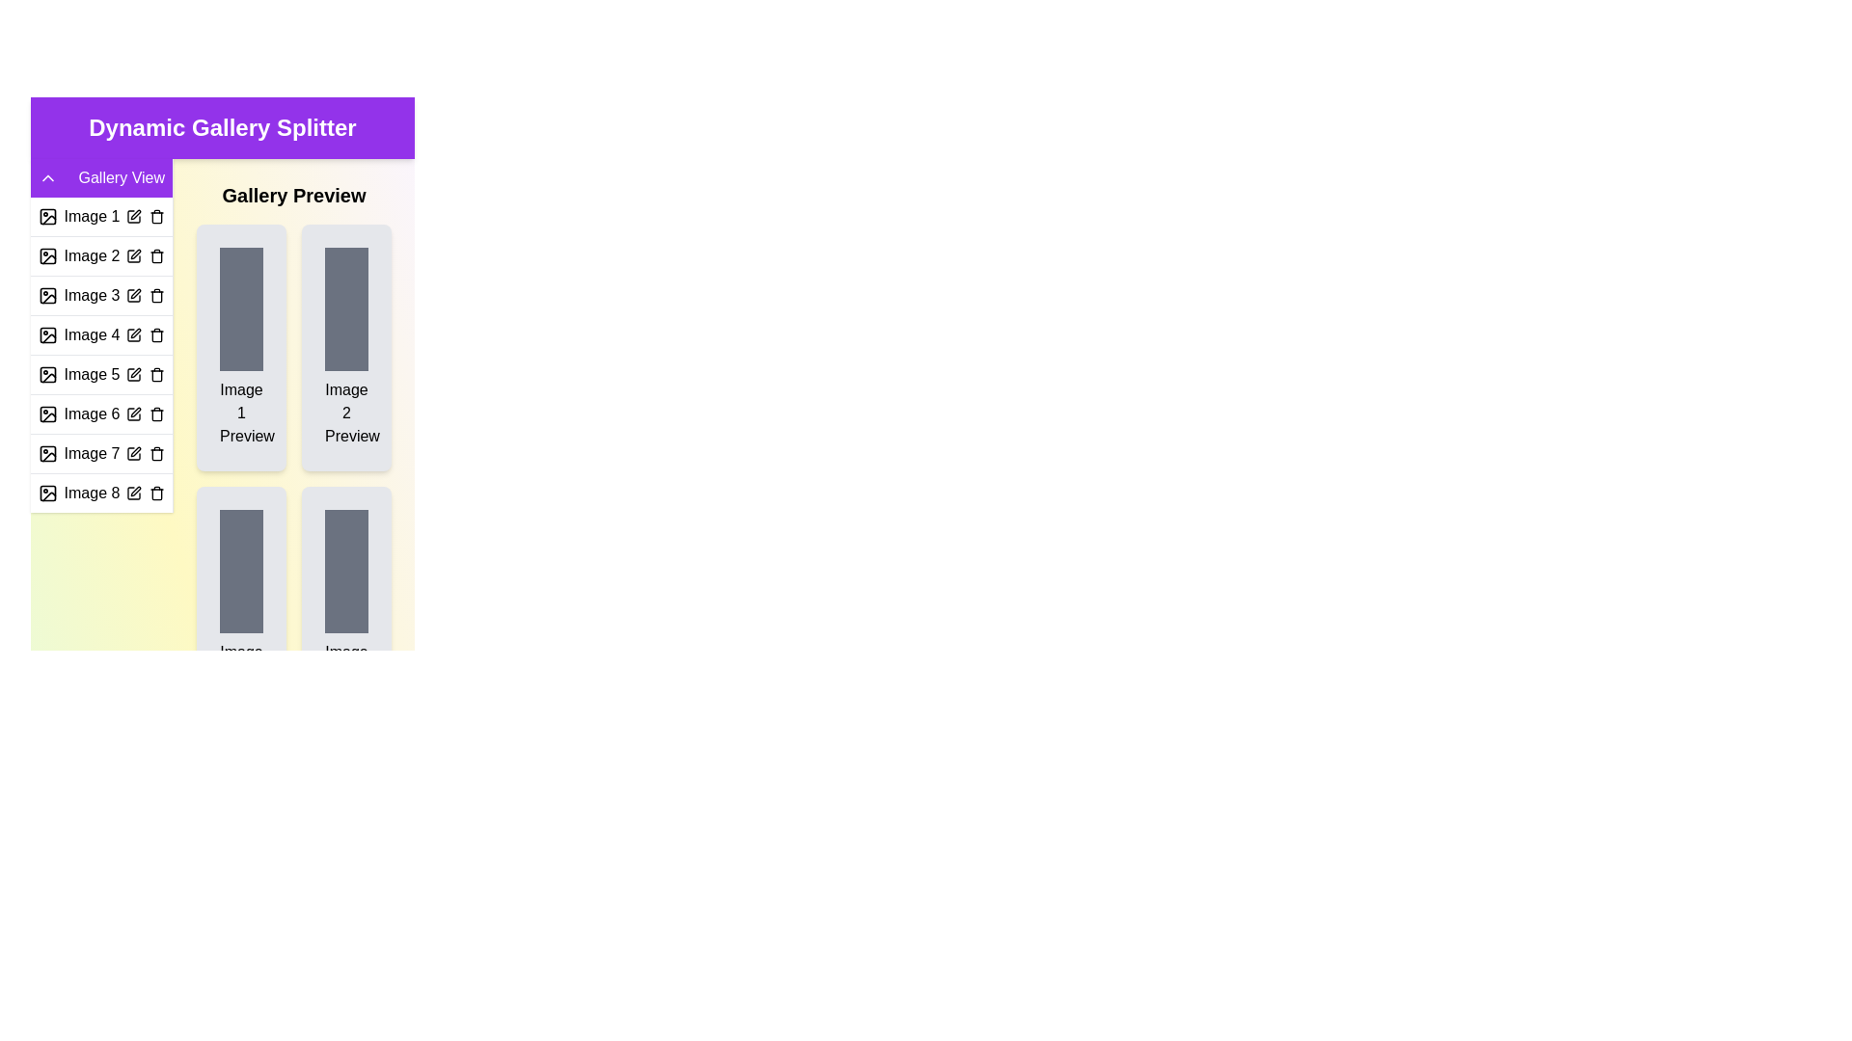 The height and width of the screenshot is (1041, 1852). Describe the element at coordinates (100, 413) in the screenshot. I see `the row element for 'Image 6' in the gallery manager` at that location.